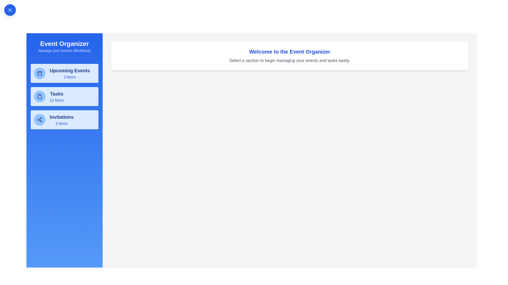 The image size is (508, 285). I want to click on the 'Tasks' card to navigate to the 'Tasks' section, so click(64, 97).